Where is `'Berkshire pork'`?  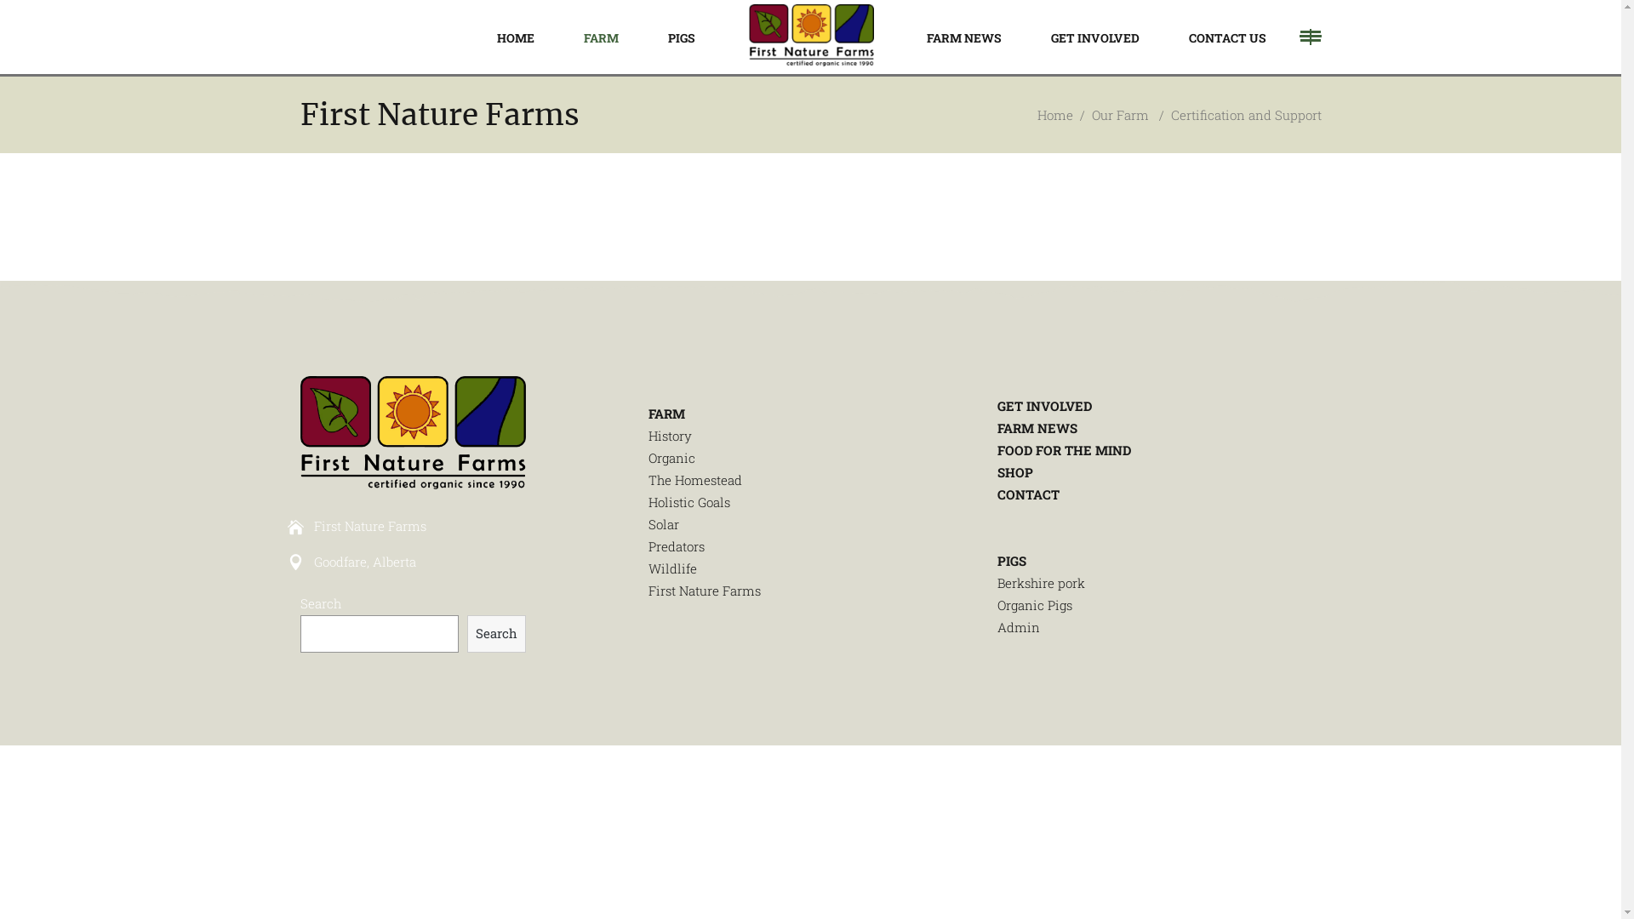
'Berkshire pork' is located at coordinates (997, 582).